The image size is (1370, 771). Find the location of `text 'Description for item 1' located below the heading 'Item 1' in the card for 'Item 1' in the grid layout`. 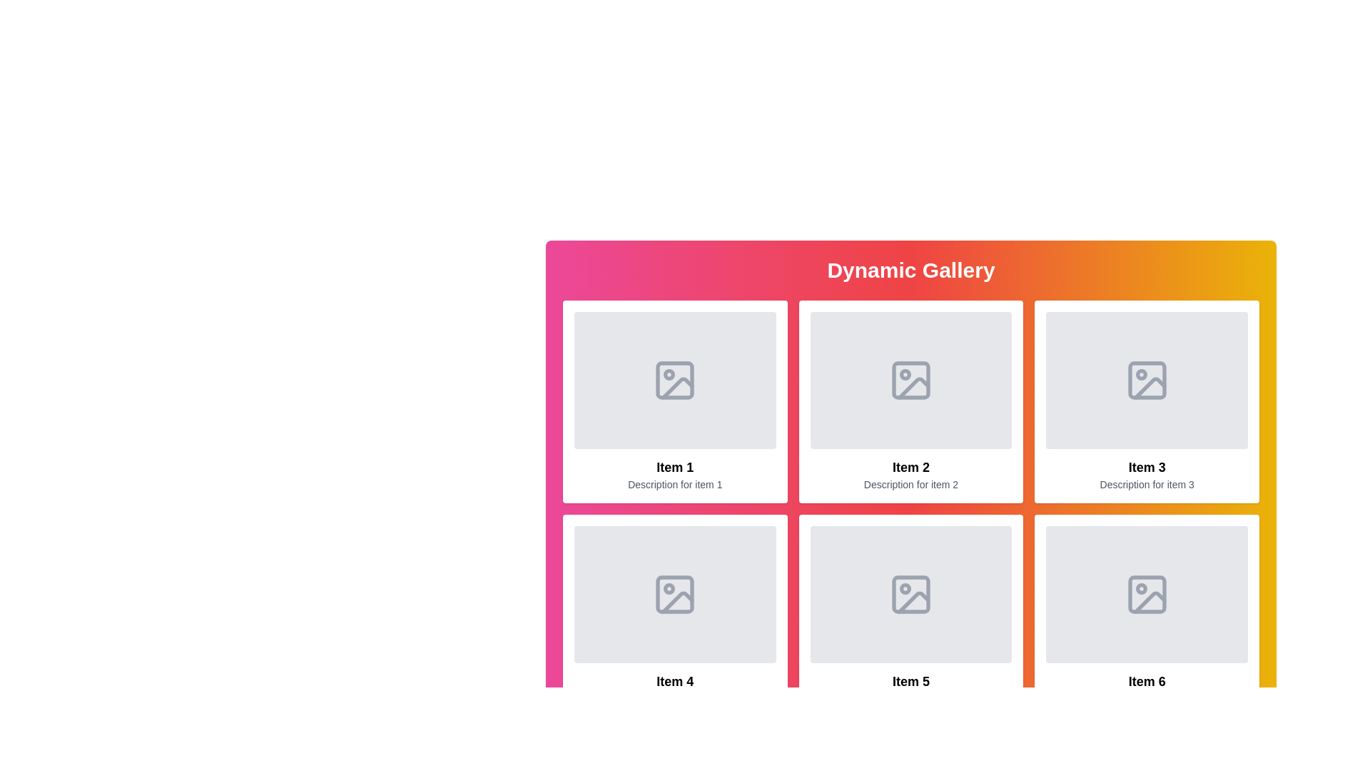

text 'Description for item 1' located below the heading 'Item 1' in the card for 'Item 1' in the grid layout is located at coordinates (674, 483).